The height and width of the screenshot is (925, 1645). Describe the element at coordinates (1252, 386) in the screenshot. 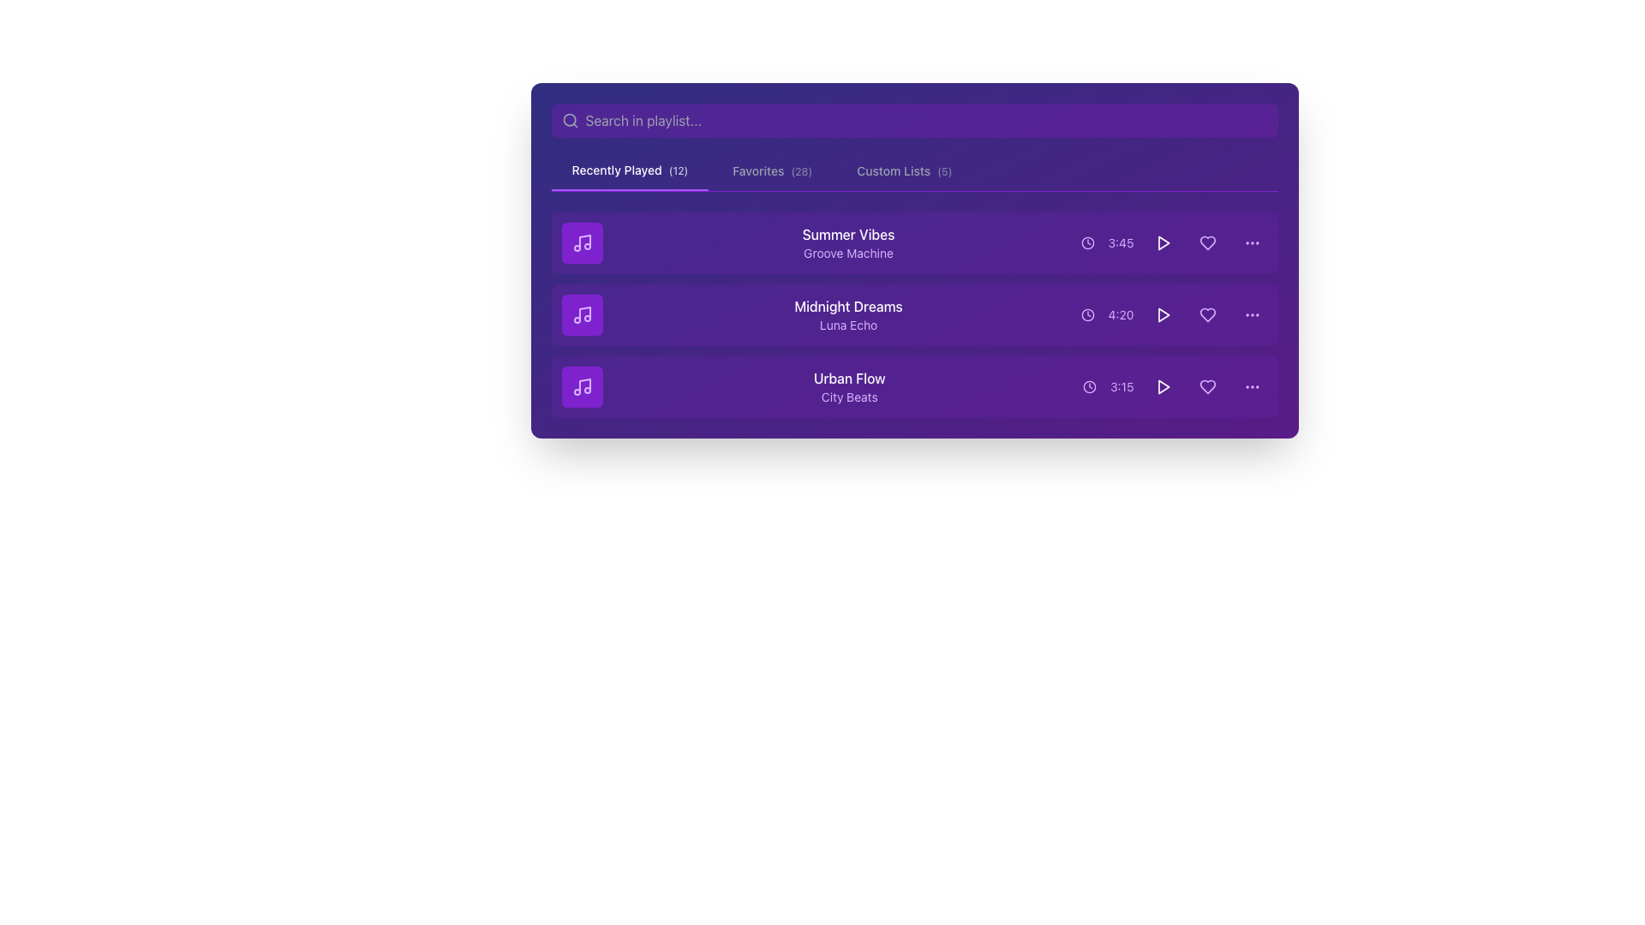

I see `the ellipsis menu icon, which is a small circular icon with three evenly spaced purple dots, located at the end of the last item in a vertical list of tracks` at that location.